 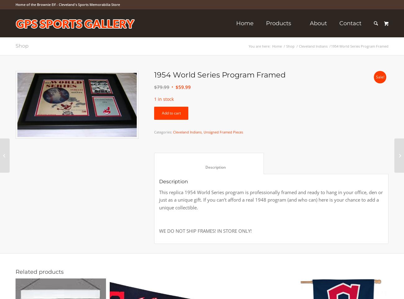 What do you see at coordinates (164, 99) in the screenshot?
I see `'1 in stock'` at bounding box center [164, 99].